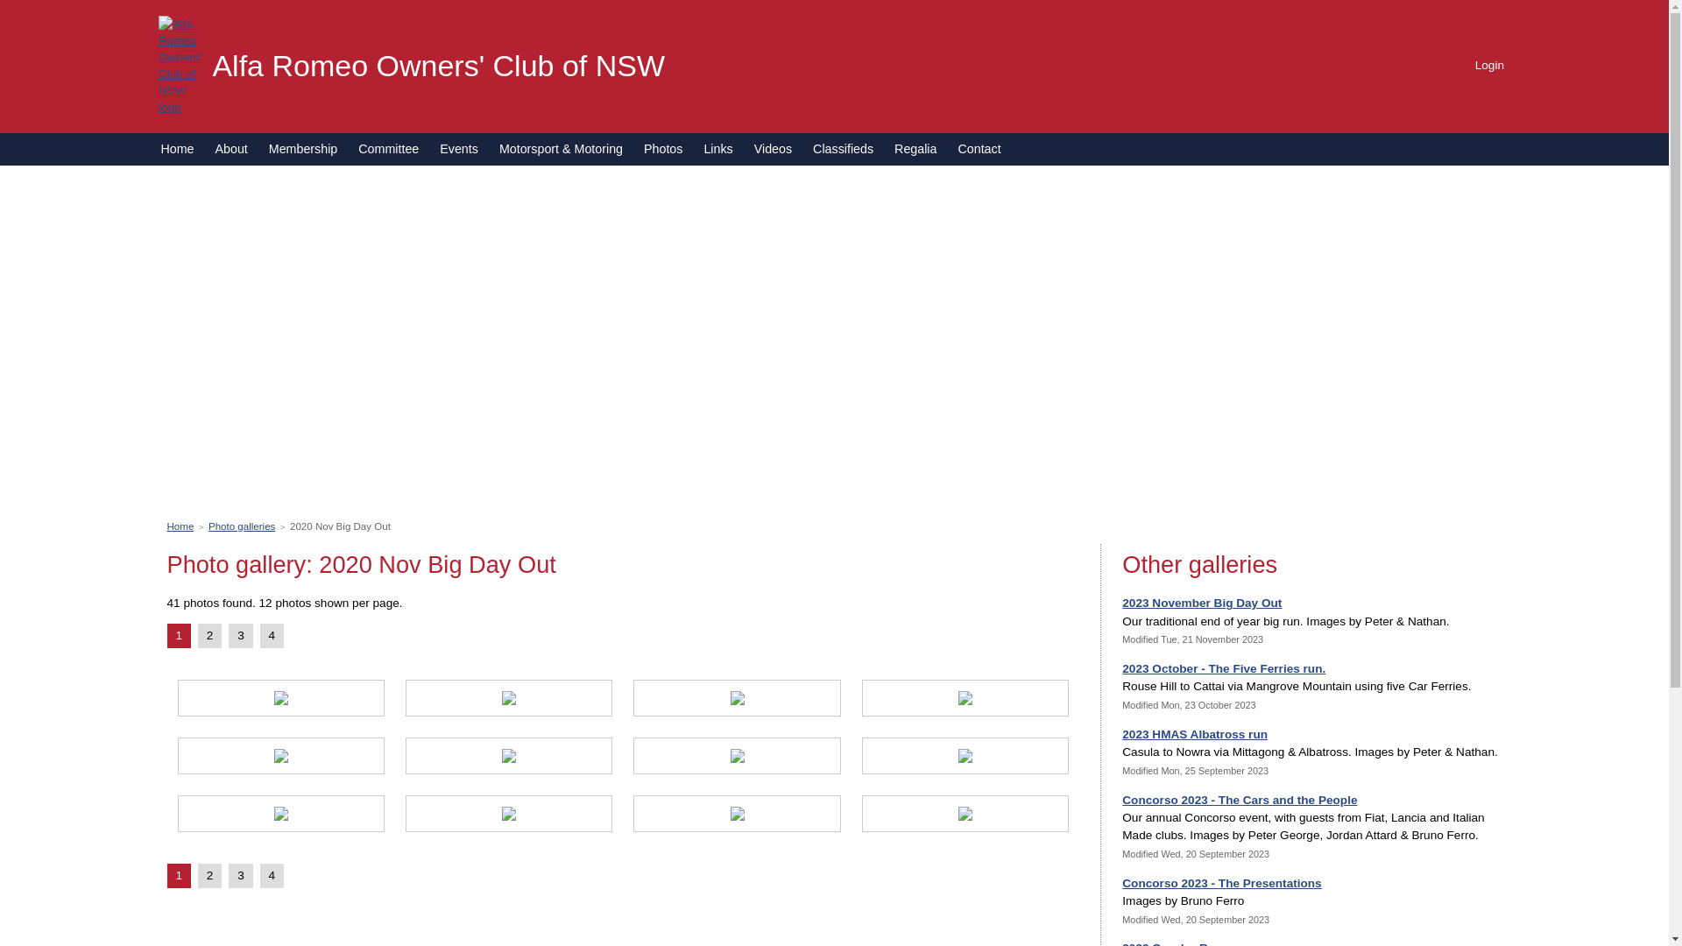  Describe the element at coordinates (1193, 734) in the screenshot. I see `'2023 HMAS Albatross run'` at that location.